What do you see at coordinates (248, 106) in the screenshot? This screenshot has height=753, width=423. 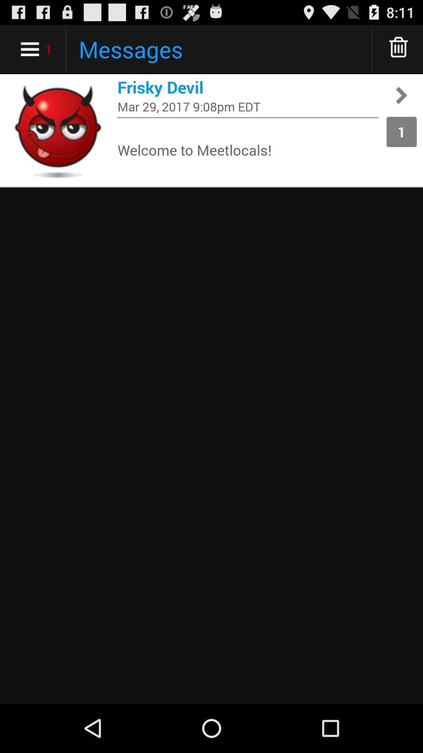 I see `mar 29 2017 item` at bounding box center [248, 106].